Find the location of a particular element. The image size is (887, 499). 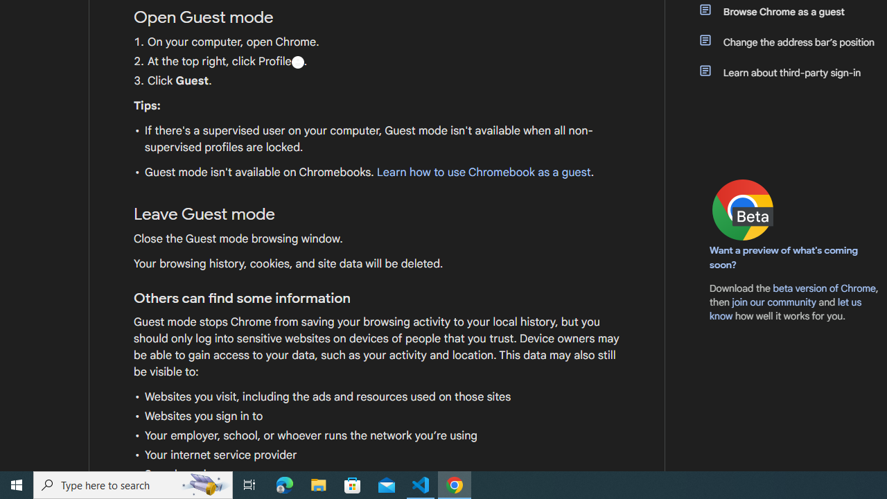

'Learn how to use Chromebook as a guest' is located at coordinates (483, 172).